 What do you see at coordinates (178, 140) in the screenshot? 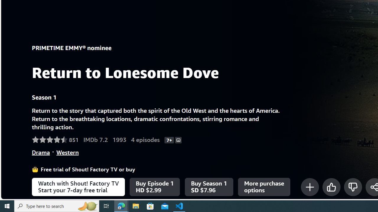
I see `'Subtitles'` at bounding box center [178, 140].